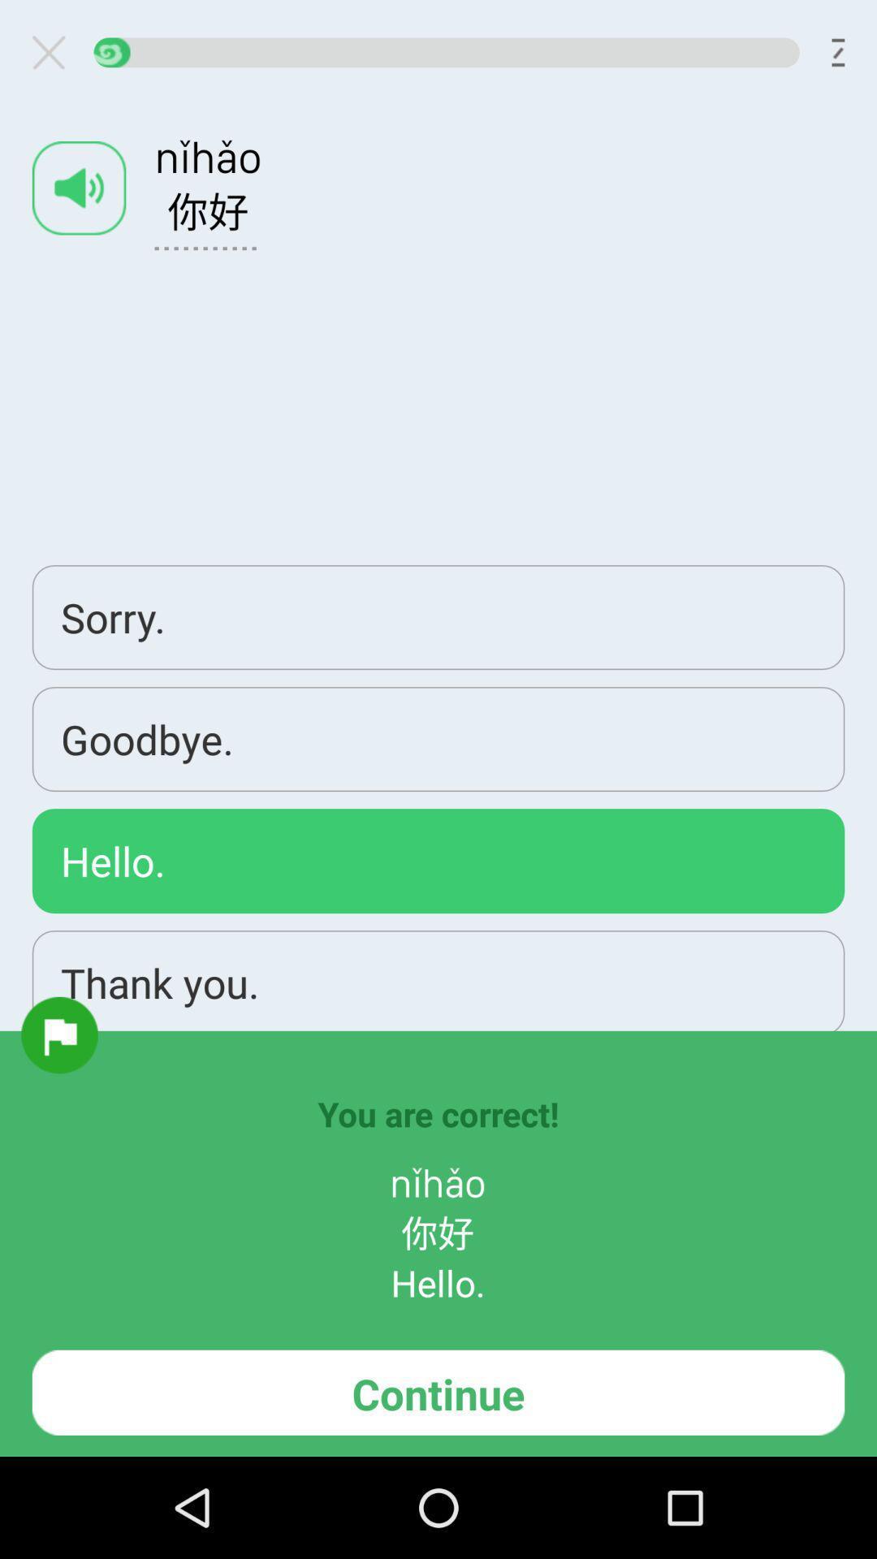 This screenshot has width=877, height=1559. What do you see at coordinates (79, 188) in the screenshot?
I see `sound` at bounding box center [79, 188].